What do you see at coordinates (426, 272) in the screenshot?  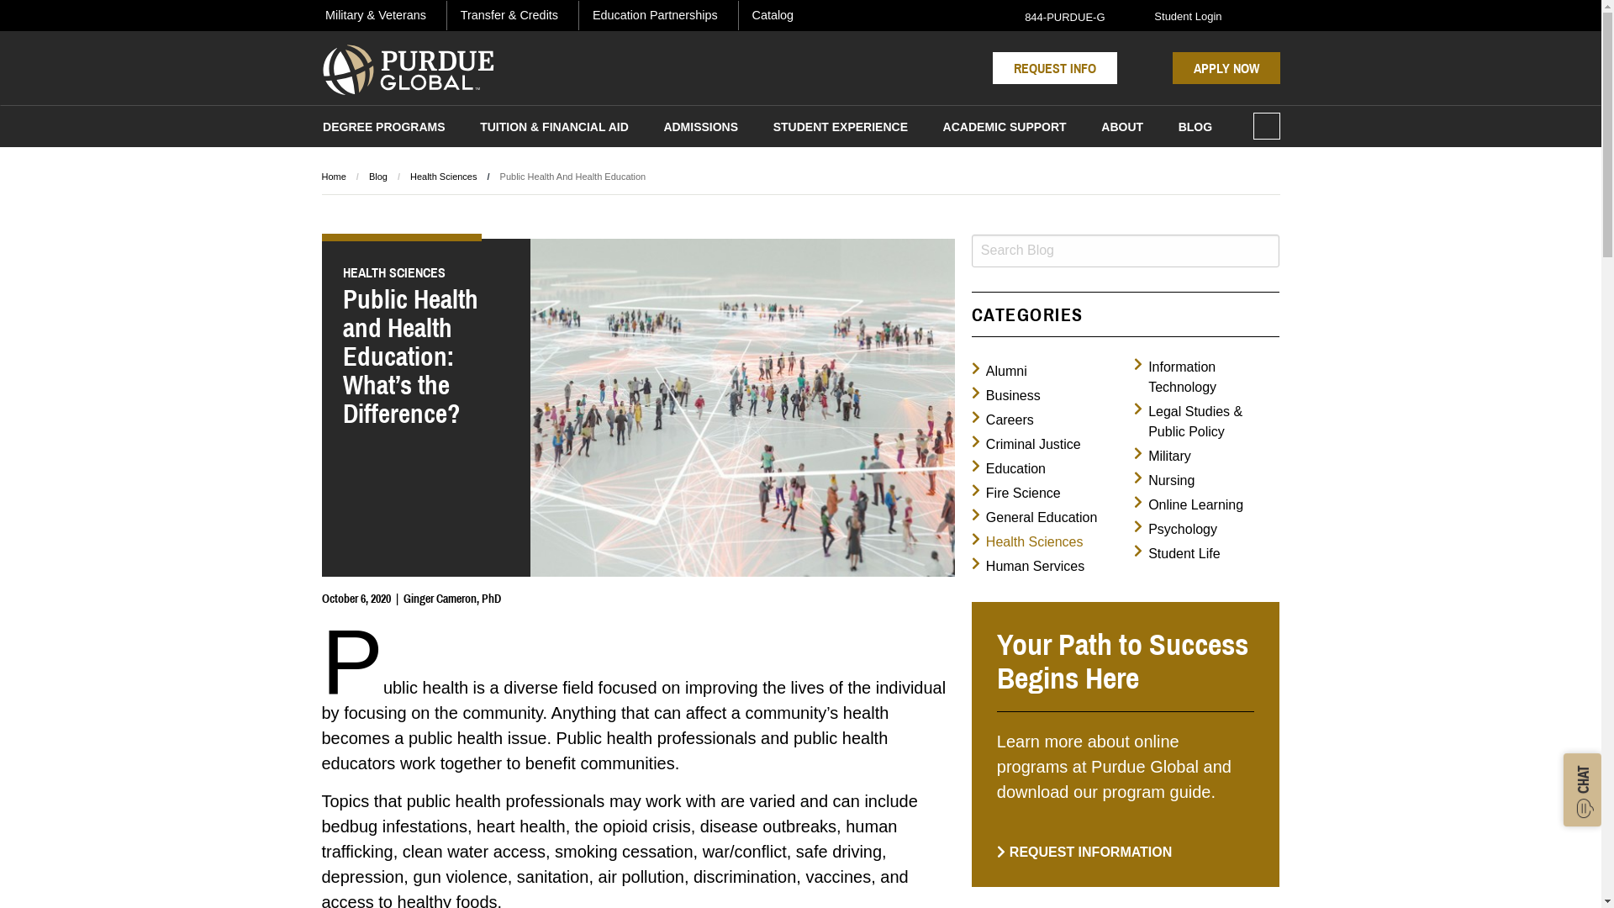 I see `'HEALTH SCIENCES'` at bounding box center [426, 272].